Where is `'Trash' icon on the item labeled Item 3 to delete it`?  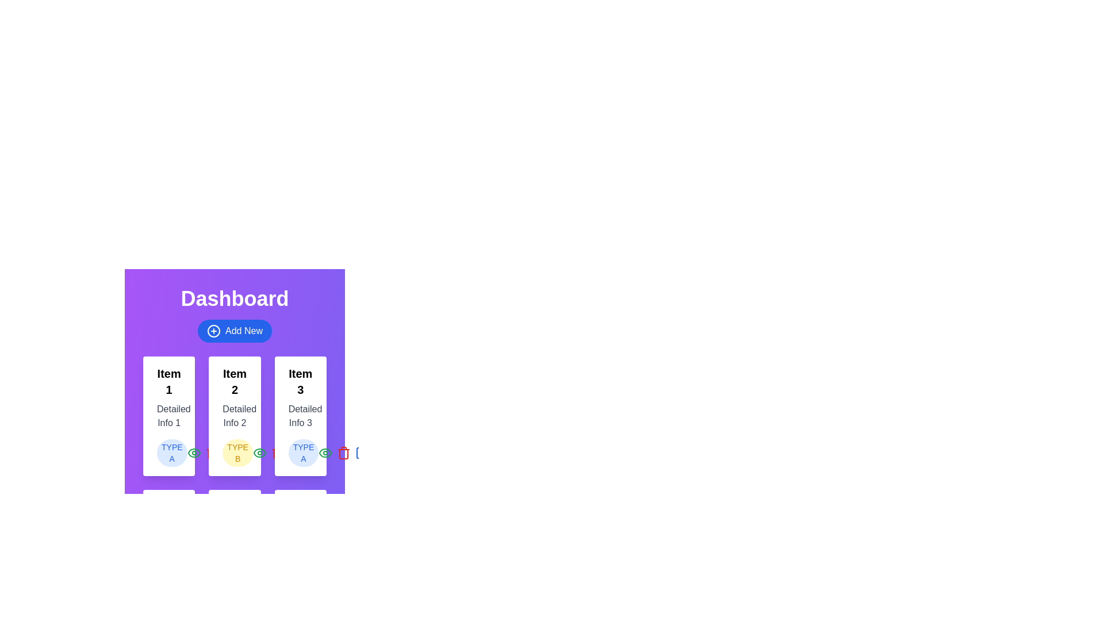
'Trash' icon on the item labeled Item 3 to delete it is located at coordinates (343, 452).